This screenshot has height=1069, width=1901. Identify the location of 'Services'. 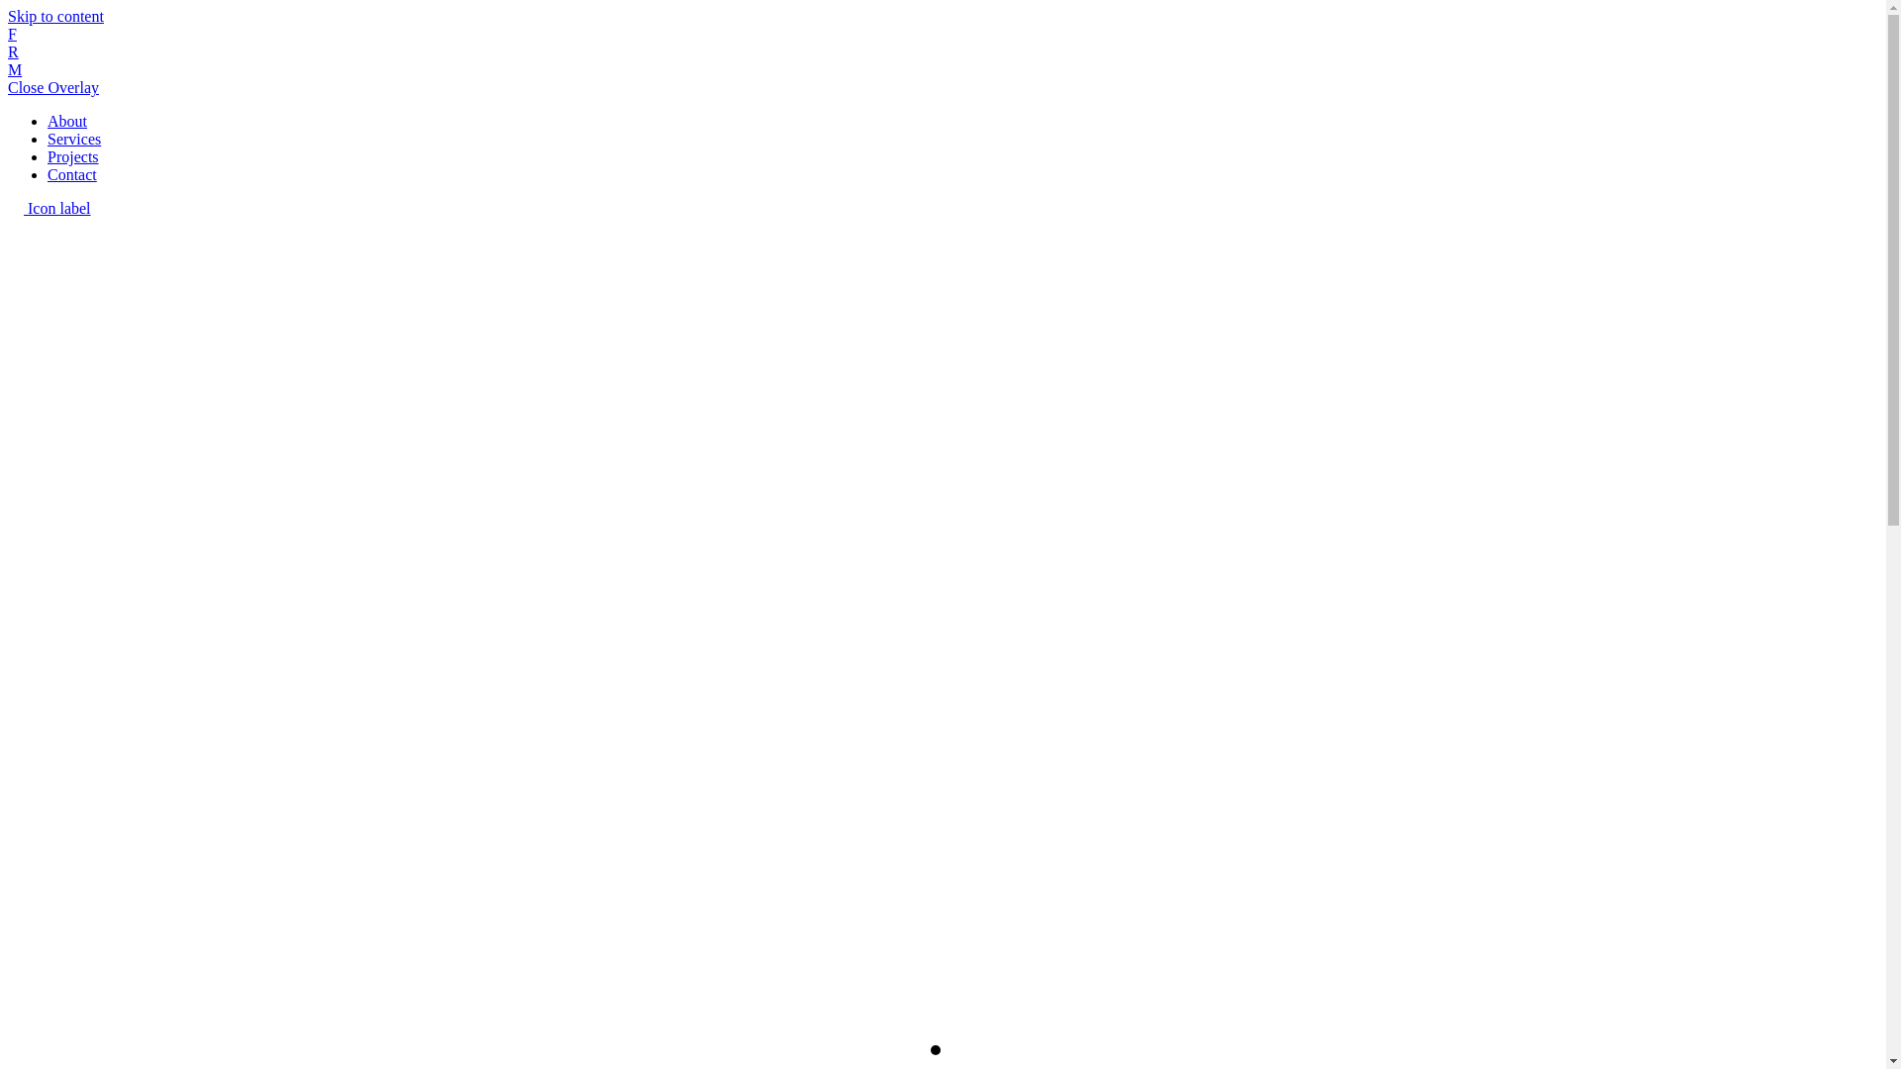
(74, 138).